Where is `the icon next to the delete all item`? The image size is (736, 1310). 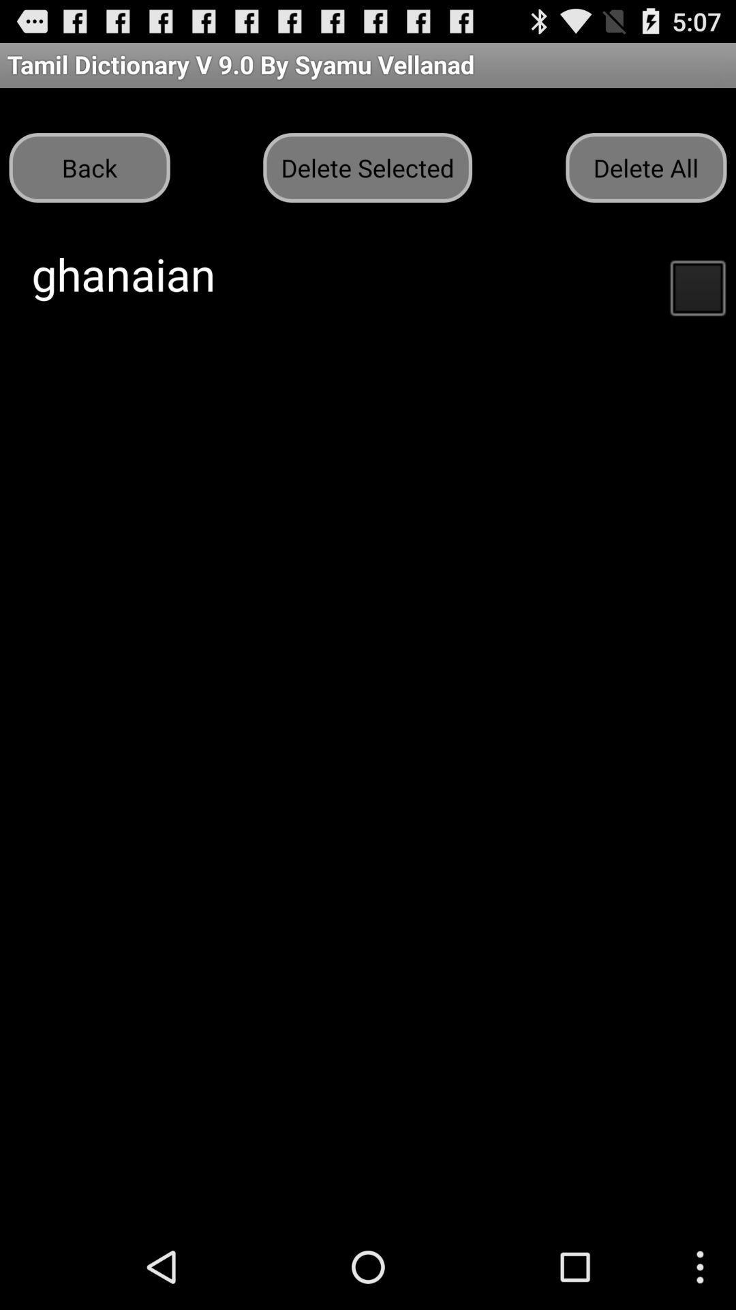
the icon next to the delete all item is located at coordinates (367, 166).